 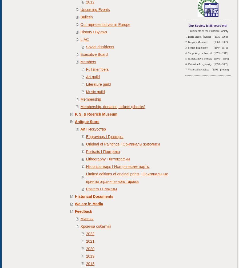 What do you see at coordinates (208, 25) in the screenshot?
I see `'Оur Society is 88 years old!'` at bounding box center [208, 25].